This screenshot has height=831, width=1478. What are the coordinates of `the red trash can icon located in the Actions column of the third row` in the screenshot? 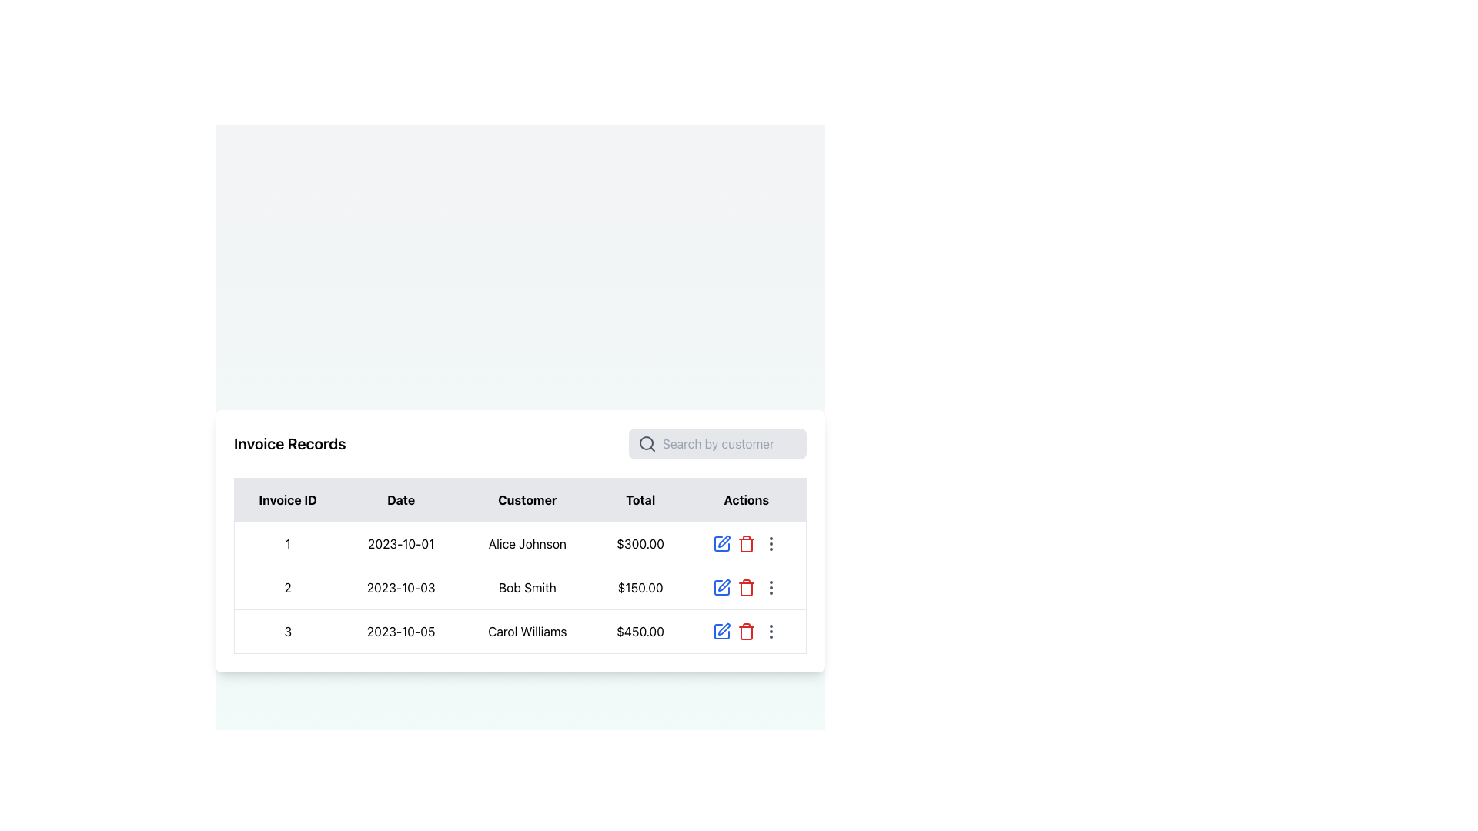 It's located at (746, 589).